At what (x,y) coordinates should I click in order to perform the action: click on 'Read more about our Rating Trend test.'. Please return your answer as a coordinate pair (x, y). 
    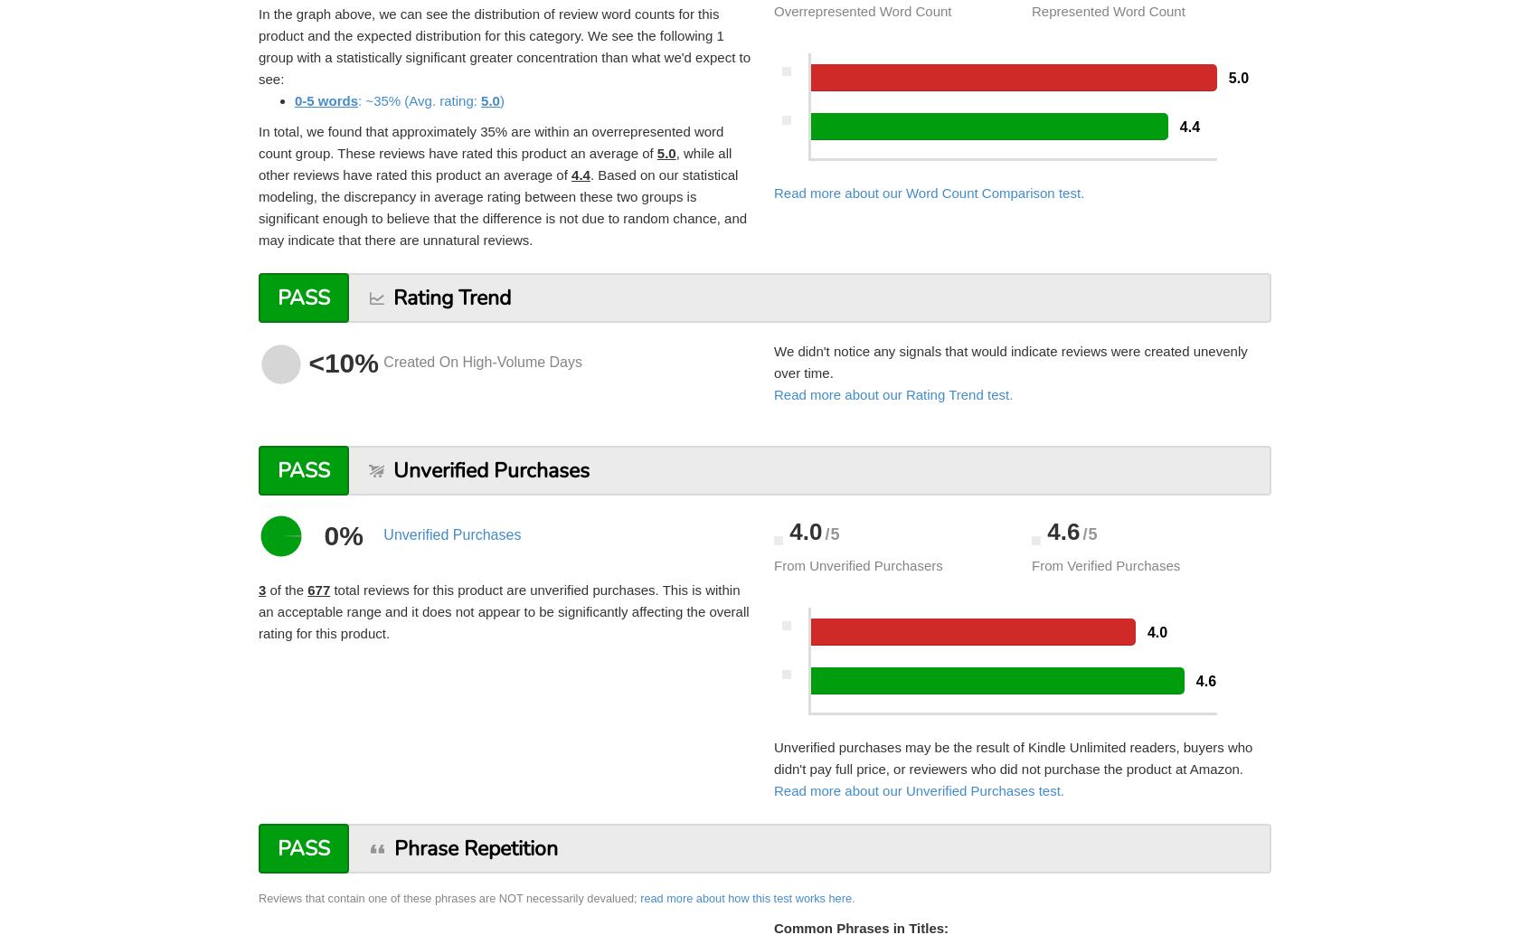
    Looking at the image, I should click on (892, 392).